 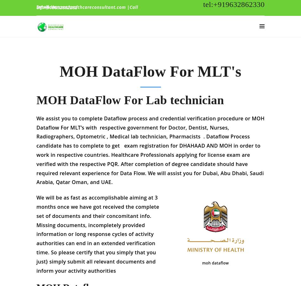 What do you see at coordinates (233, 4) in the screenshot?
I see `'tel:+919632862330'` at bounding box center [233, 4].